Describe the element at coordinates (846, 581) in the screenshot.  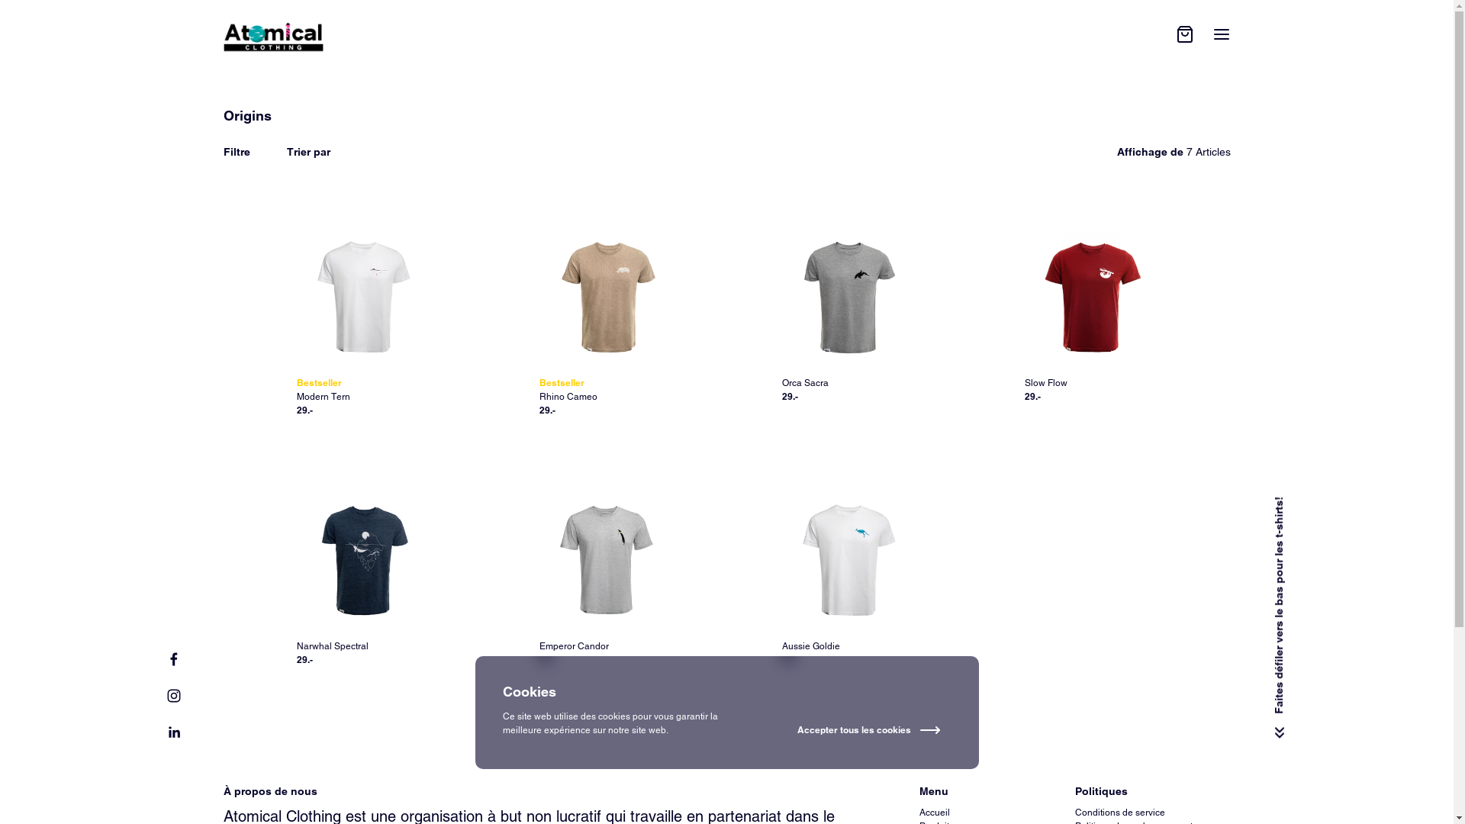
I see `'Aussie Goldie` at that location.